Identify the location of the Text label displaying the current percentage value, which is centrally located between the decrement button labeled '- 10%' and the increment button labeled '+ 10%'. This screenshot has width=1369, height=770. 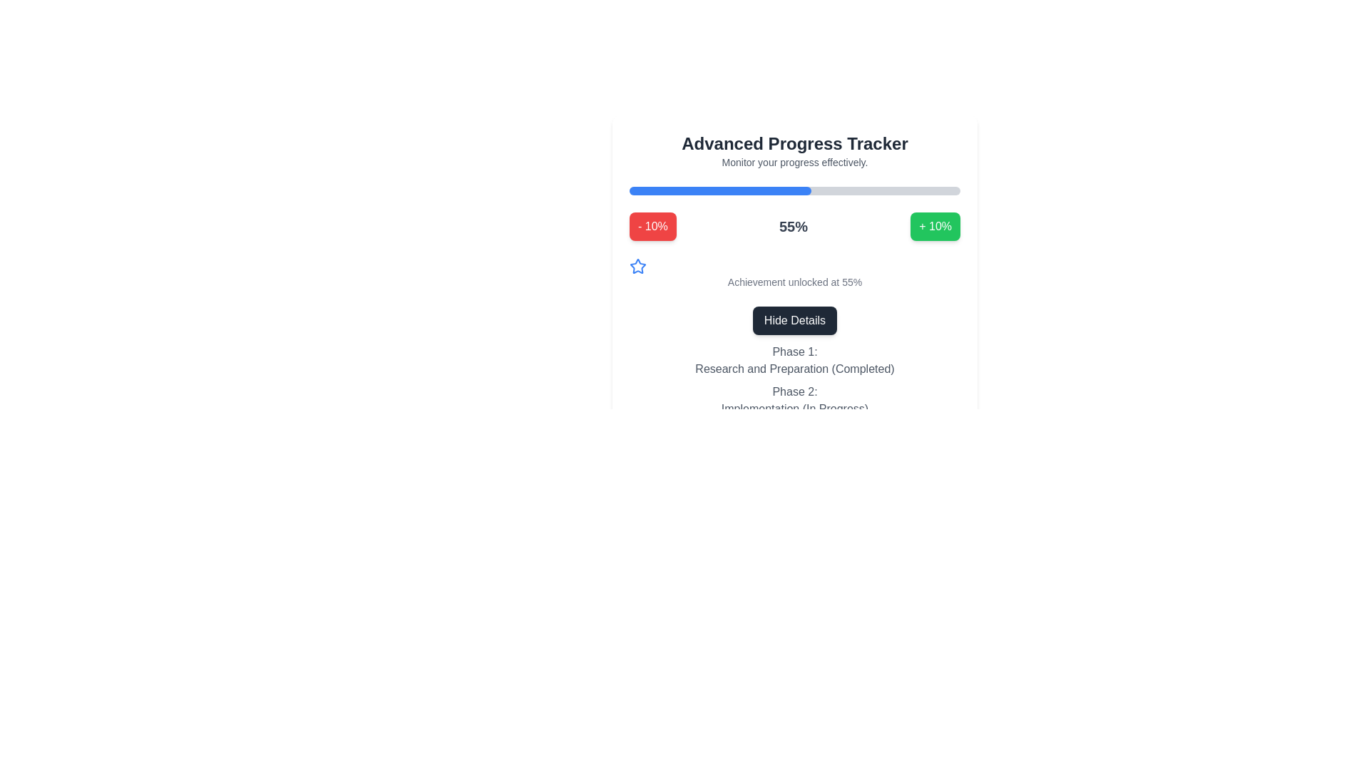
(793, 225).